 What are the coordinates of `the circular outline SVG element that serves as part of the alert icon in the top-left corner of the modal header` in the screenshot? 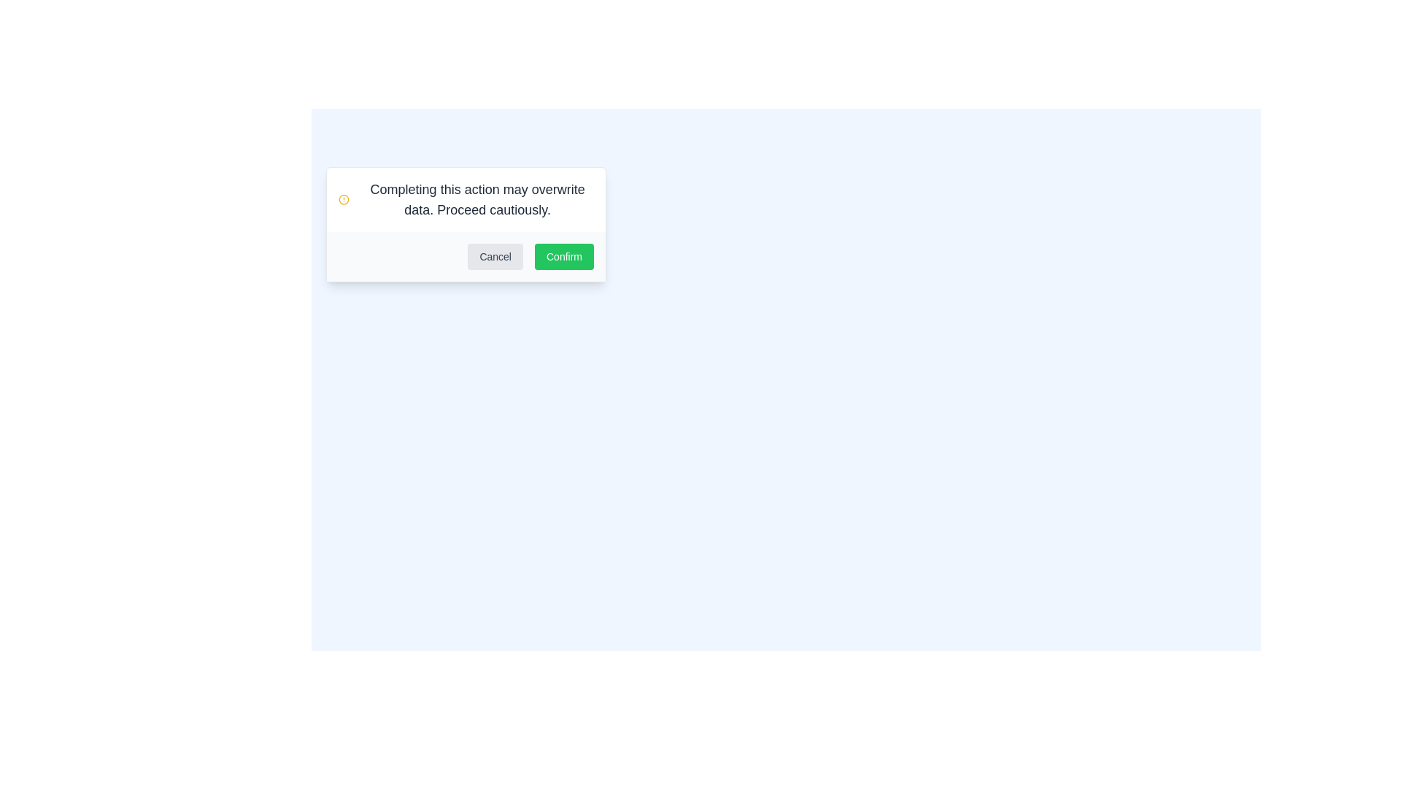 It's located at (343, 199).